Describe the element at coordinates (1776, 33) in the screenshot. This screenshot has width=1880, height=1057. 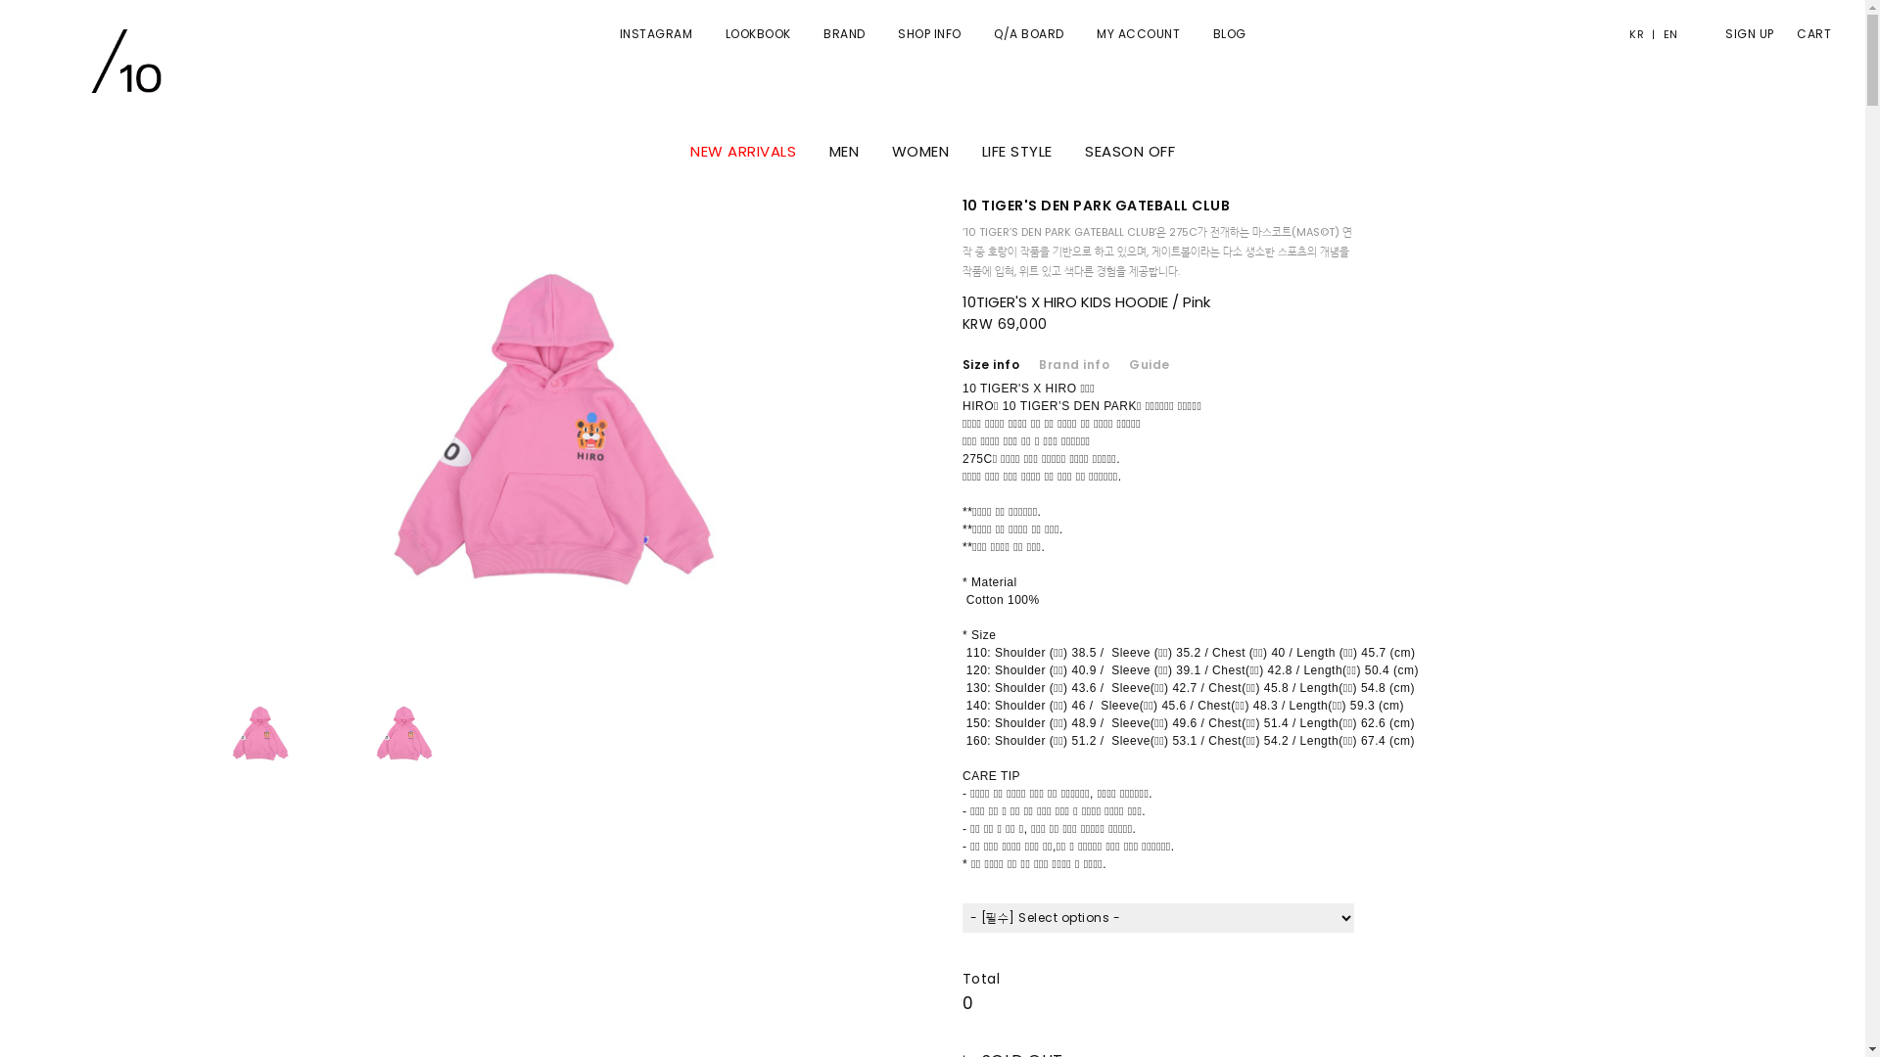
I see `'CART'` at that location.